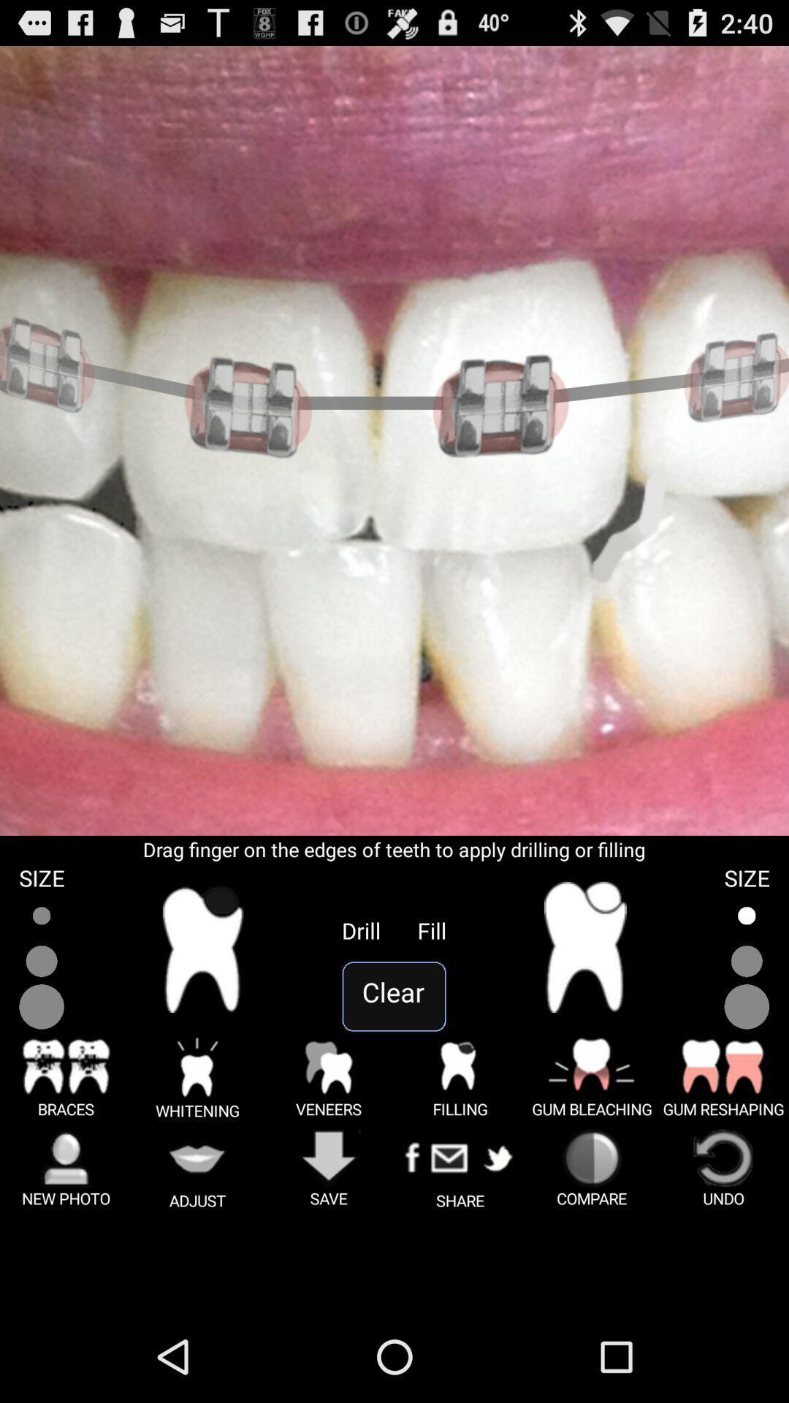 The image size is (789, 1403). Describe the element at coordinates (584, 947) in the screenshot. I see `animates a filling on a selected tooth` at that location.